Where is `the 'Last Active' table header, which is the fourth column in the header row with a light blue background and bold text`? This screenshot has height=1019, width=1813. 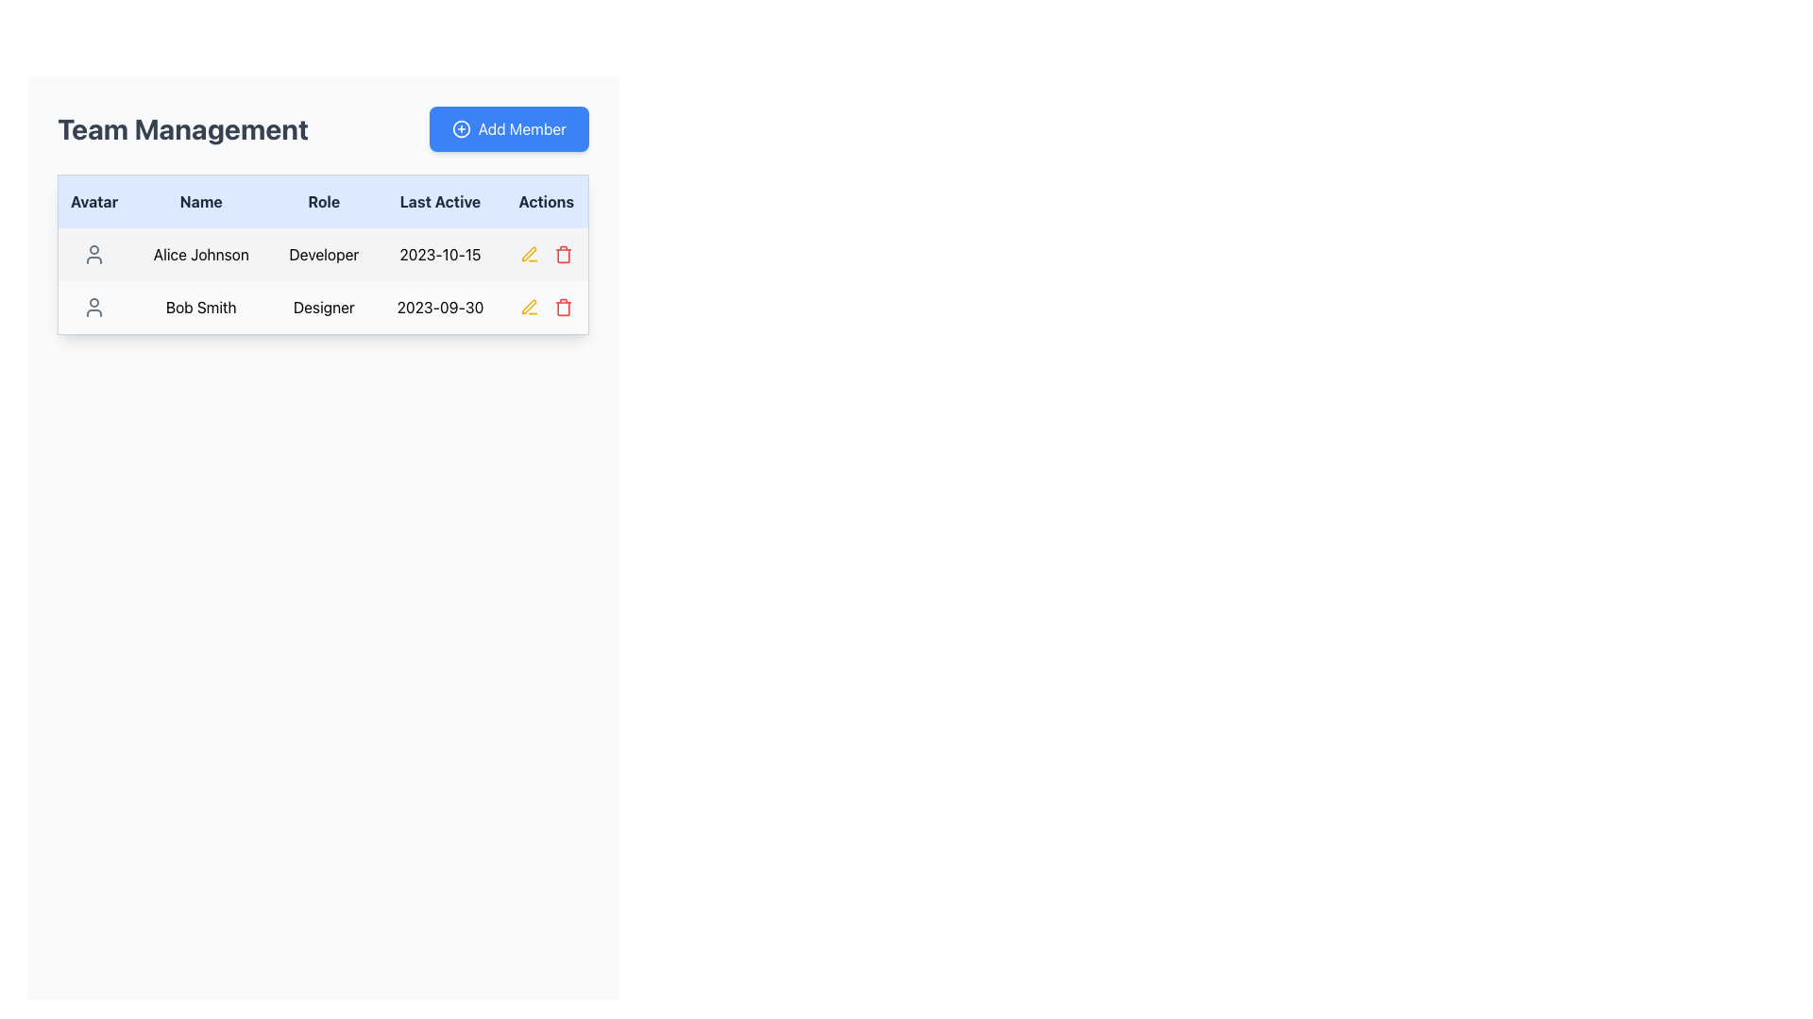 the 'Last Active' table header, which is the fourth column in the header row with a light blue background and bold text is located at coordinates (439, 201).